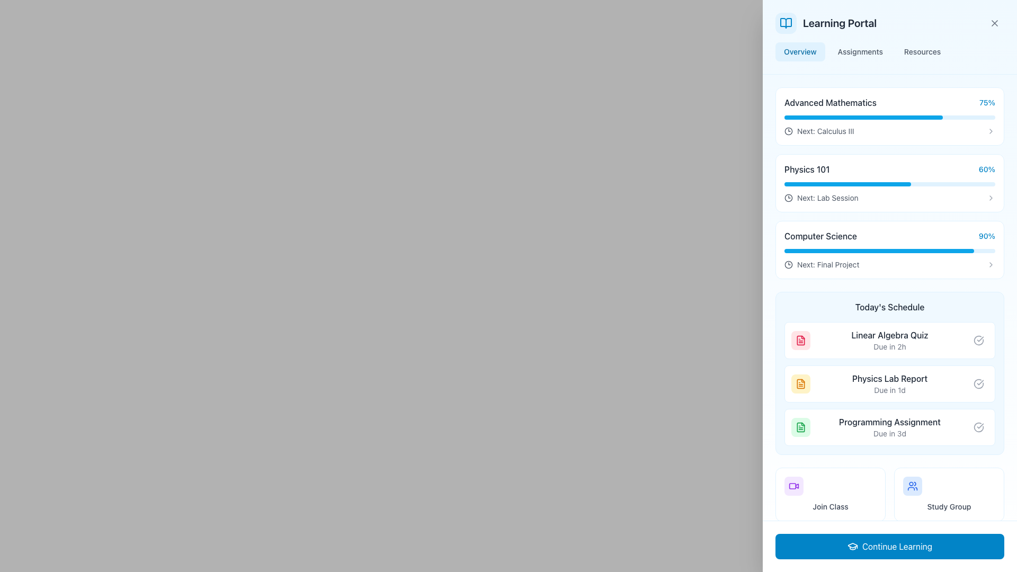 The image size is (1017, 572). What do you see at coordinates (801, 384) in the screenshot?
I see `the 'Physics Lab Report' icon located in the 'Today's Schedule' section, positioned between the 'Linear Algebra Quiz' and 'Programming Assignment' entries` at bounding box center [801, 384].